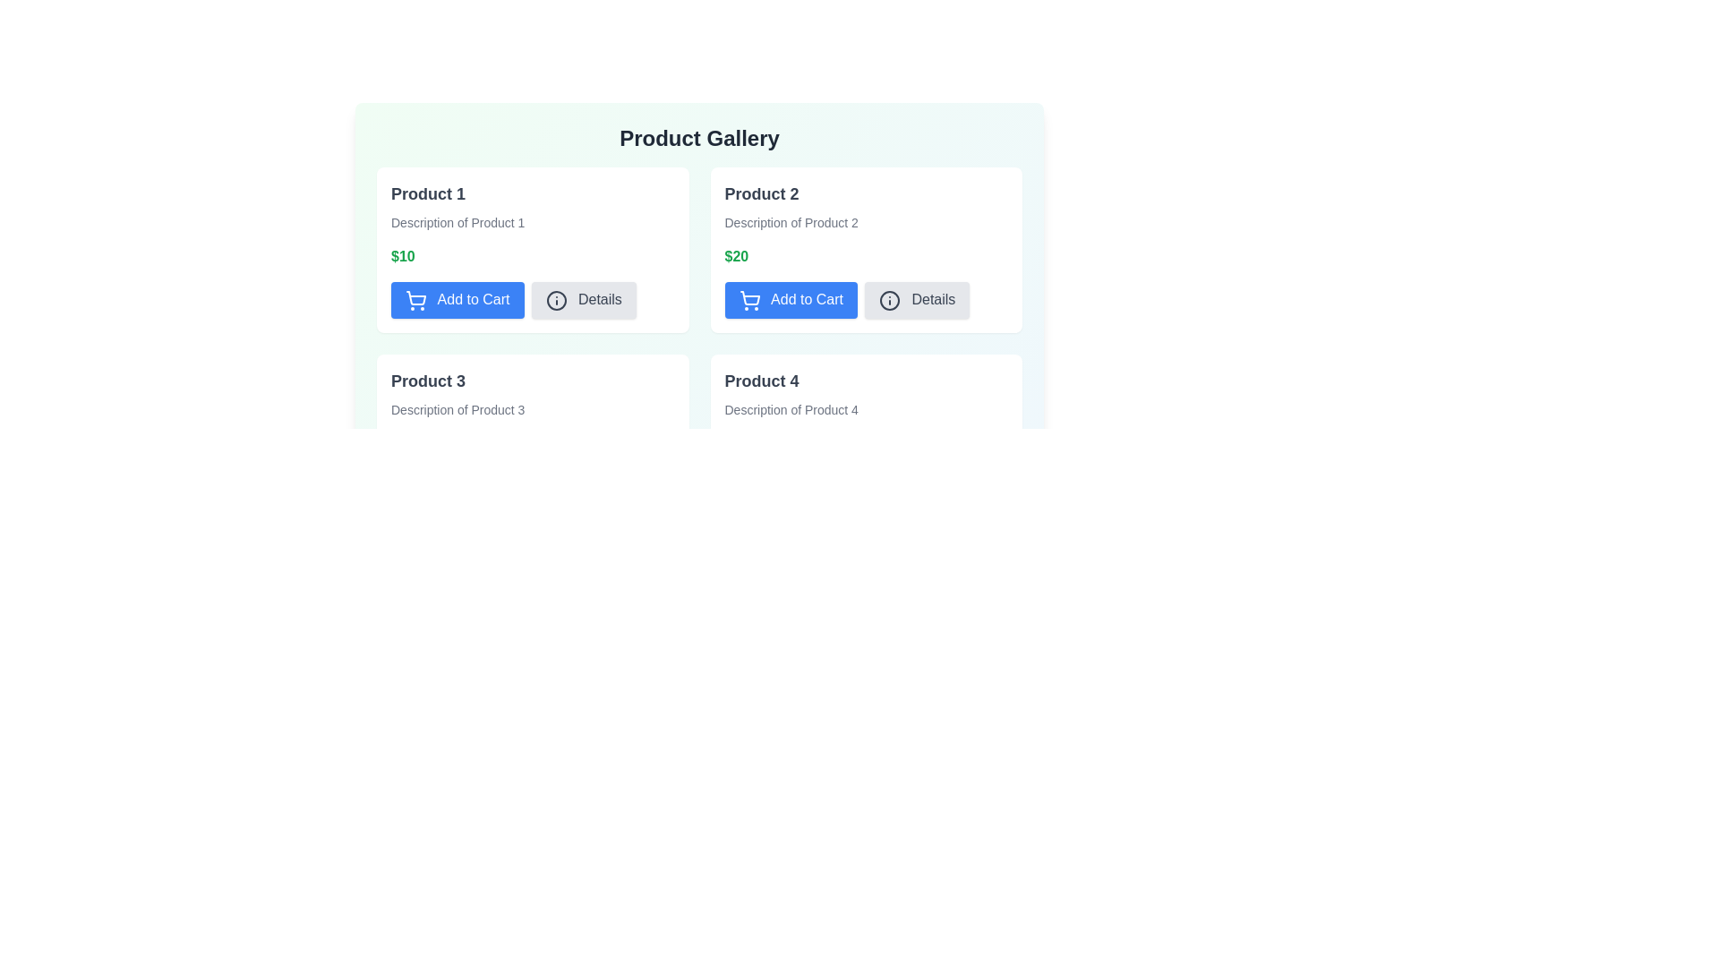 This screenshot has width=1719, height=967. Describe the element at coordinates (555, 299) in the screenshot. I see `the informational SVG-based icon located to the left of the 'Details' text within the gray 'Details' button, which is situated to the right of the blue 'Add to Cart' button` at that location.